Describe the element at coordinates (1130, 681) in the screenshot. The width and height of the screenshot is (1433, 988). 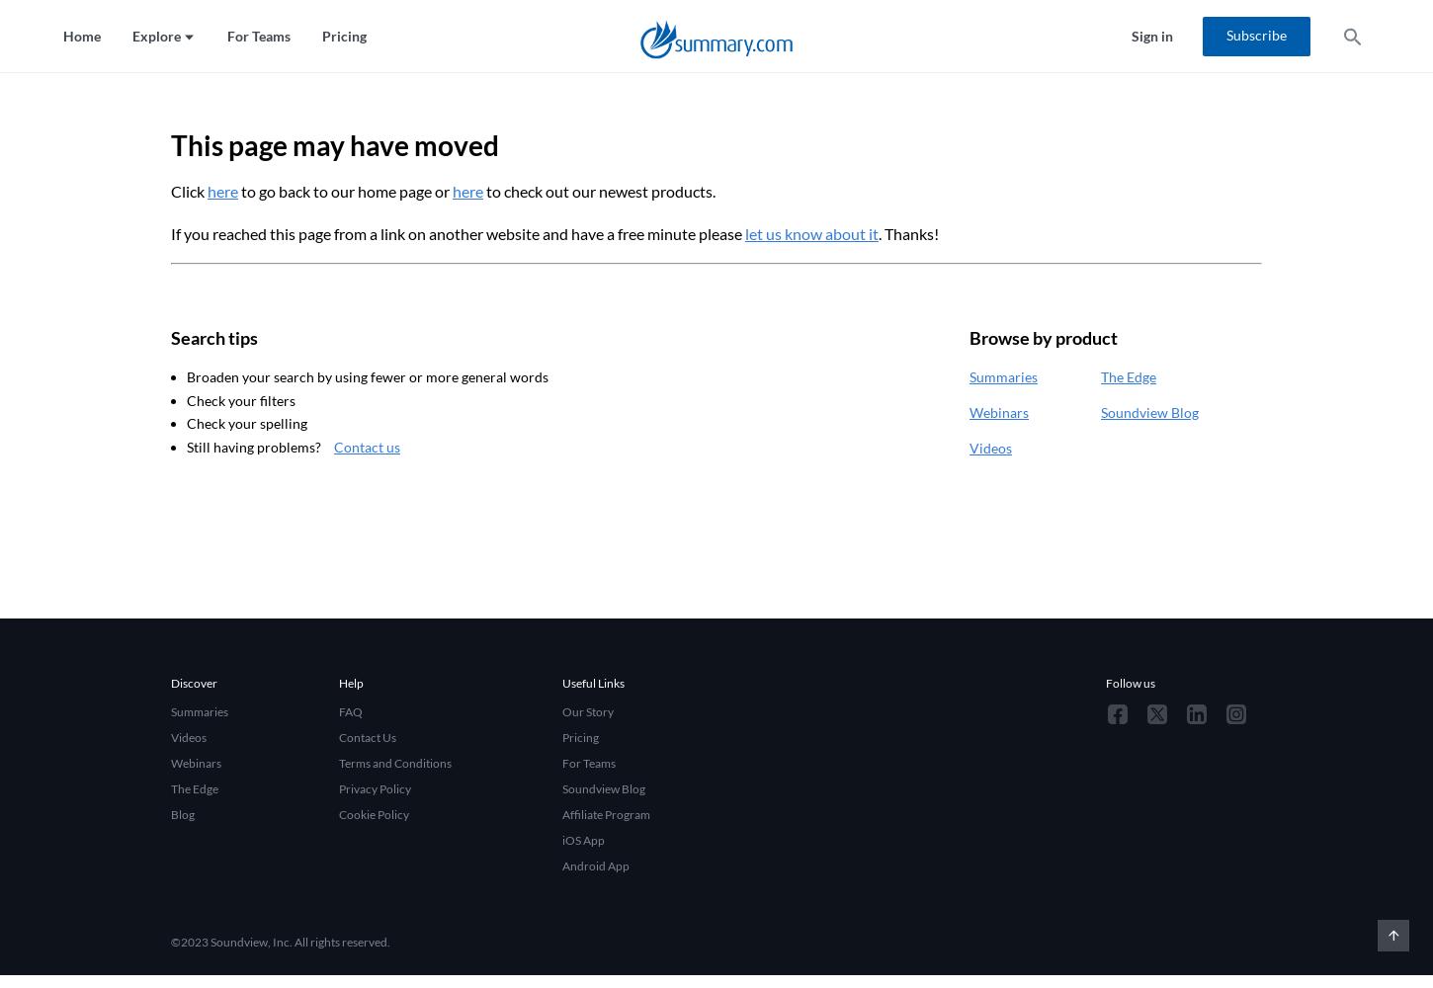
I see `'Follow us'` at that location.